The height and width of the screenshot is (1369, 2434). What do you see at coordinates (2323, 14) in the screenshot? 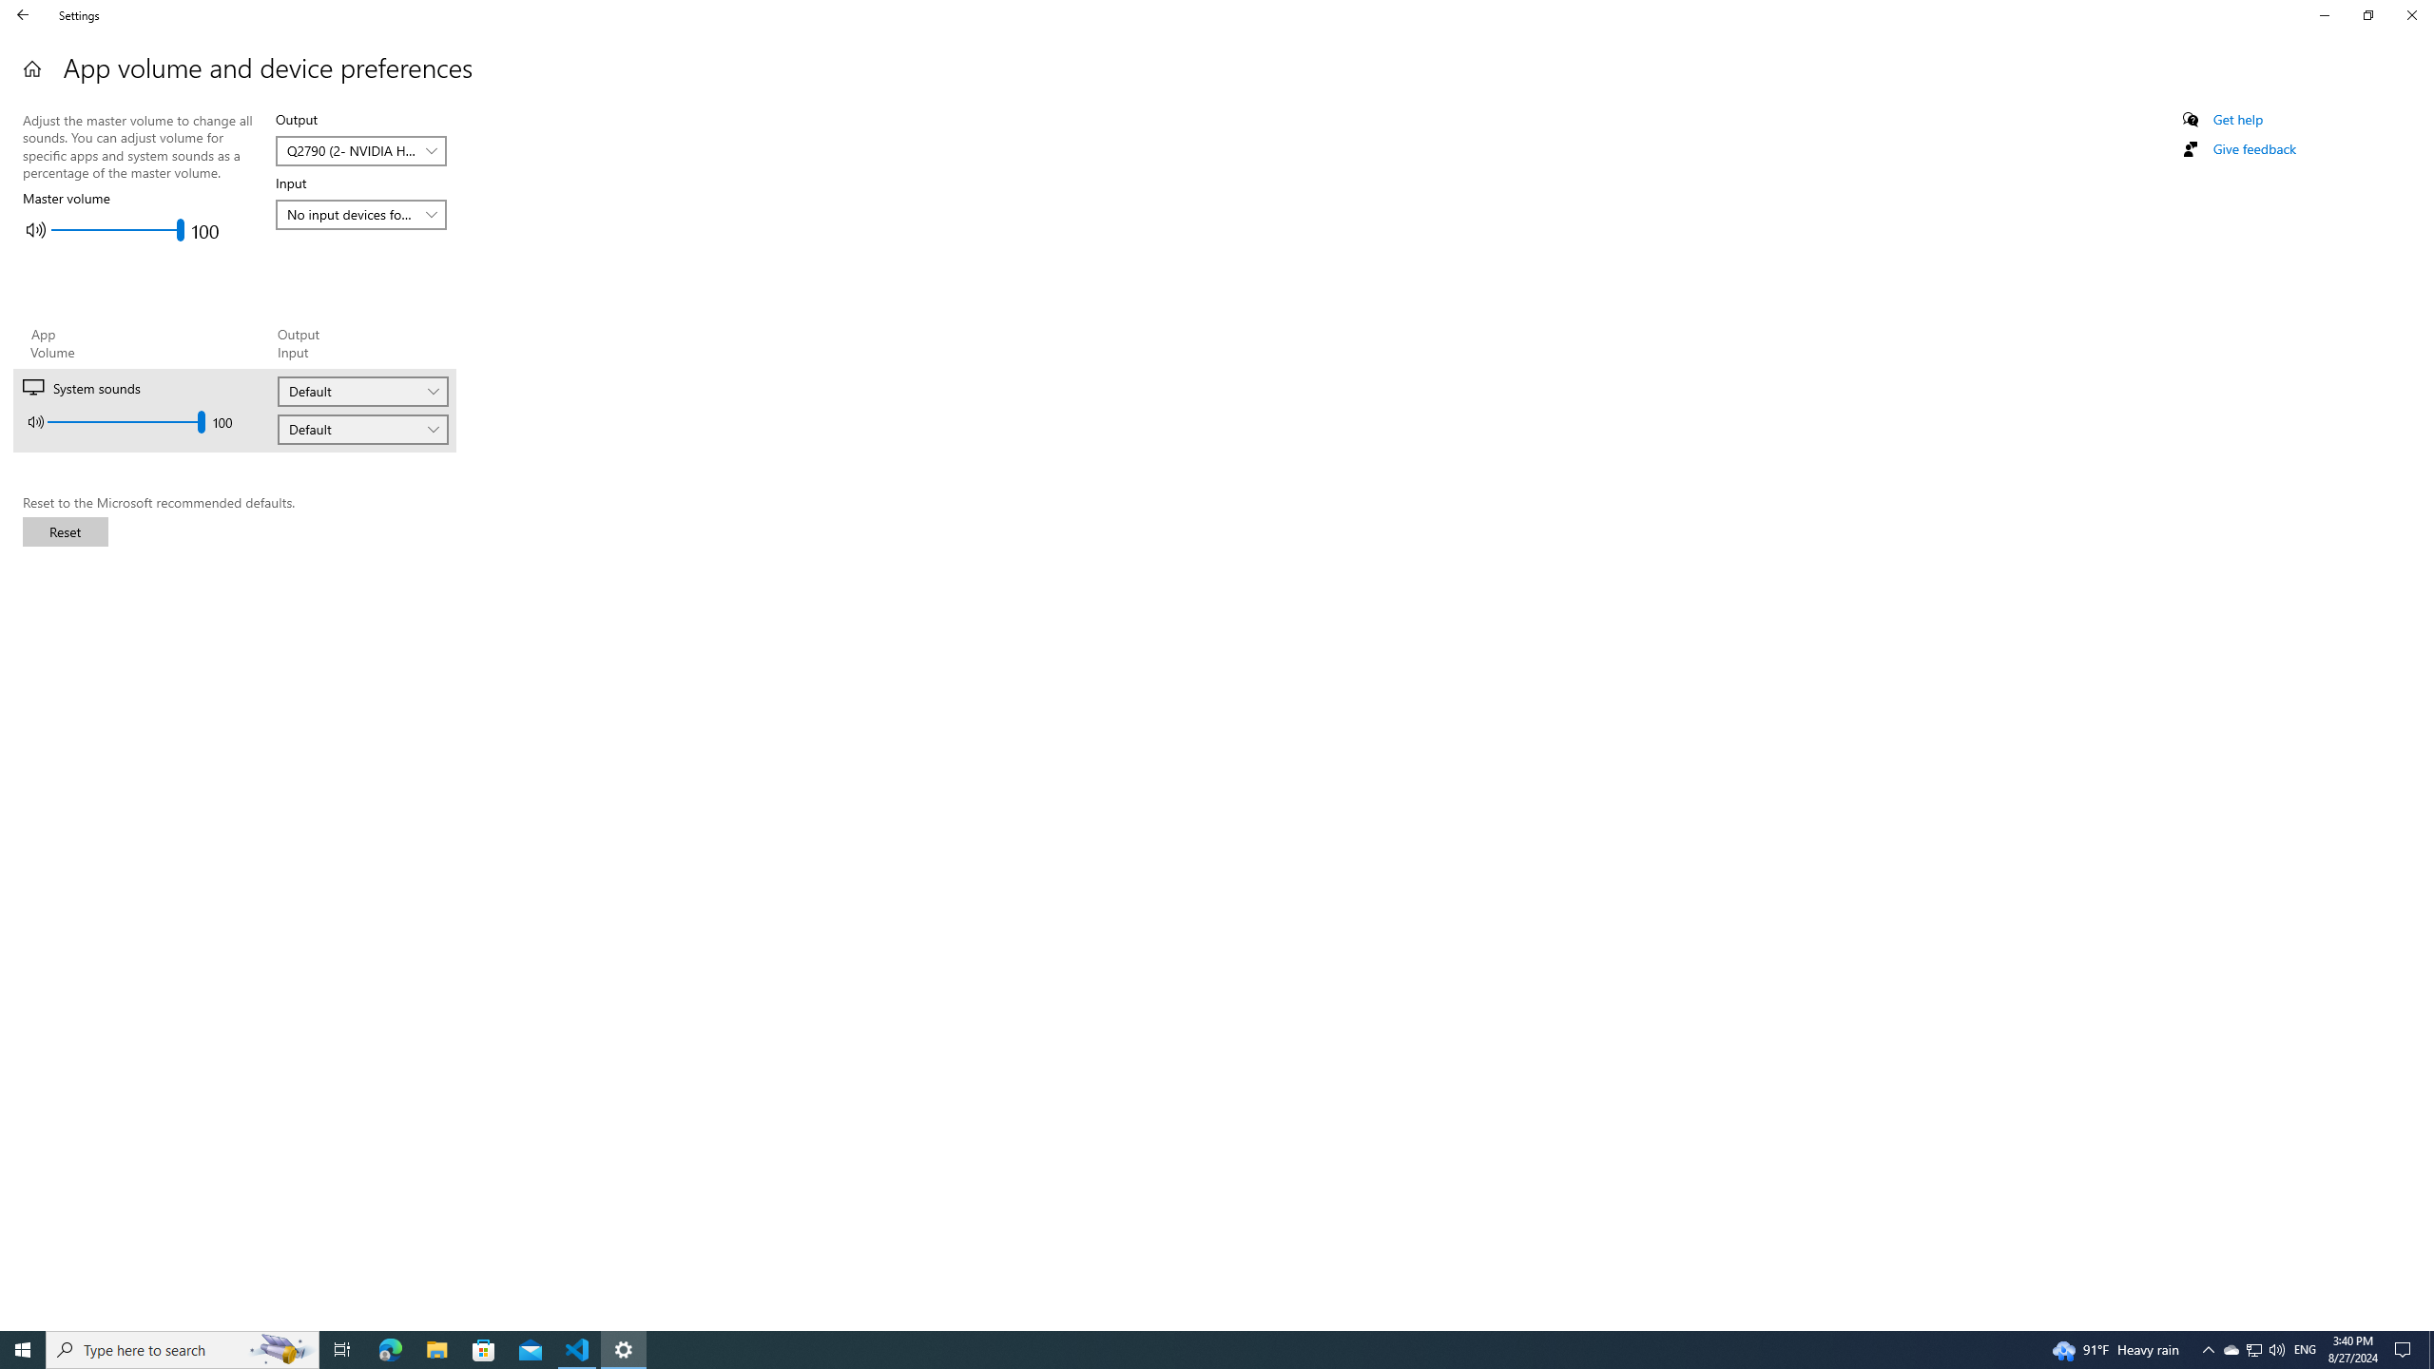
I see `'Minimize Settings'` at bounding box center [2323, 14].